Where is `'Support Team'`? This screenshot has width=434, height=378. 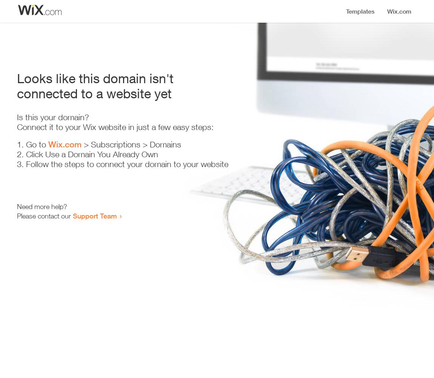
'Support Team' is located at coordinates (94, 215).